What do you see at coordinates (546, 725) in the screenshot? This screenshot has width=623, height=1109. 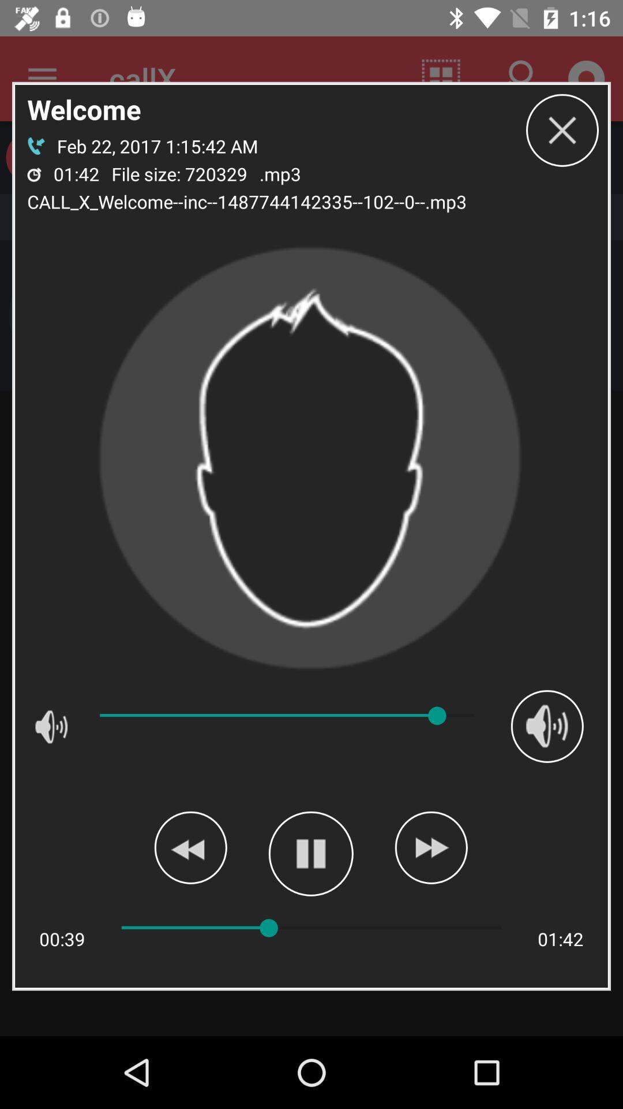 I see `volume up button` at bounding box center [546, 725].